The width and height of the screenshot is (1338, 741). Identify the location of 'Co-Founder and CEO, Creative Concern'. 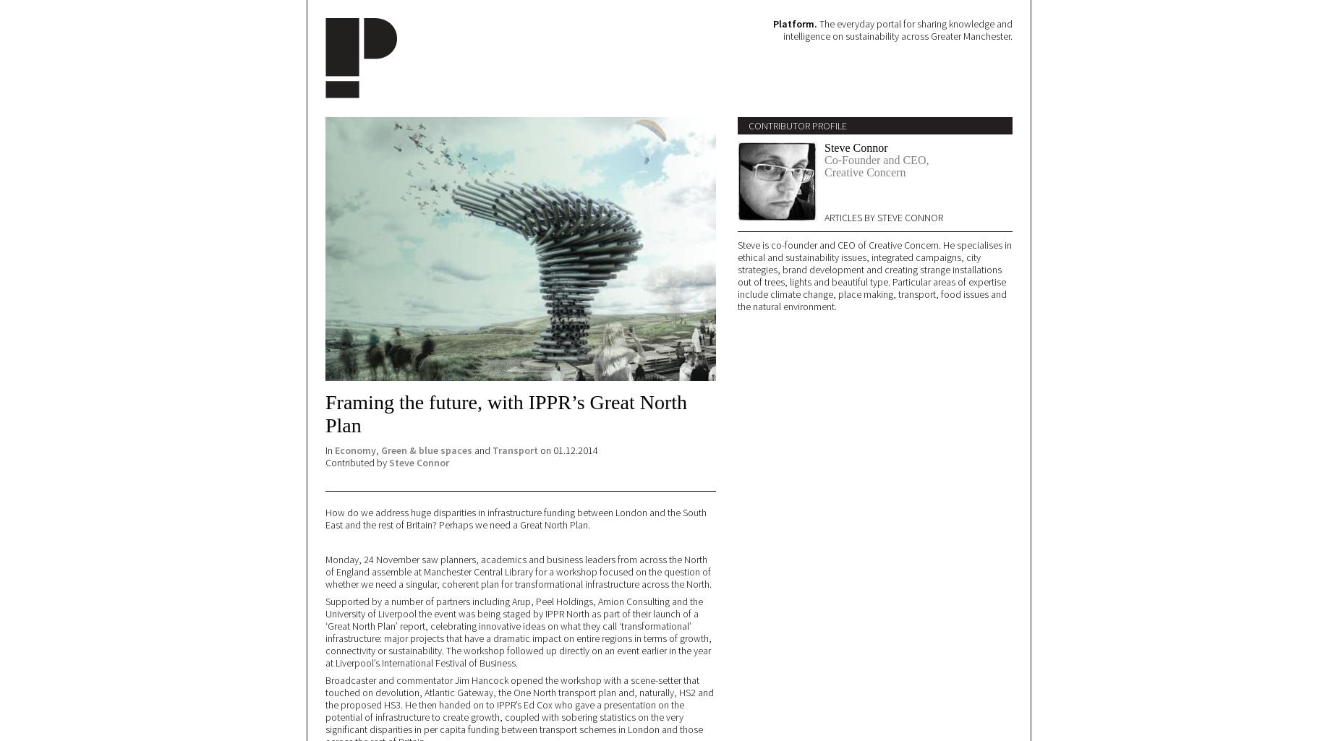
(823, 166).